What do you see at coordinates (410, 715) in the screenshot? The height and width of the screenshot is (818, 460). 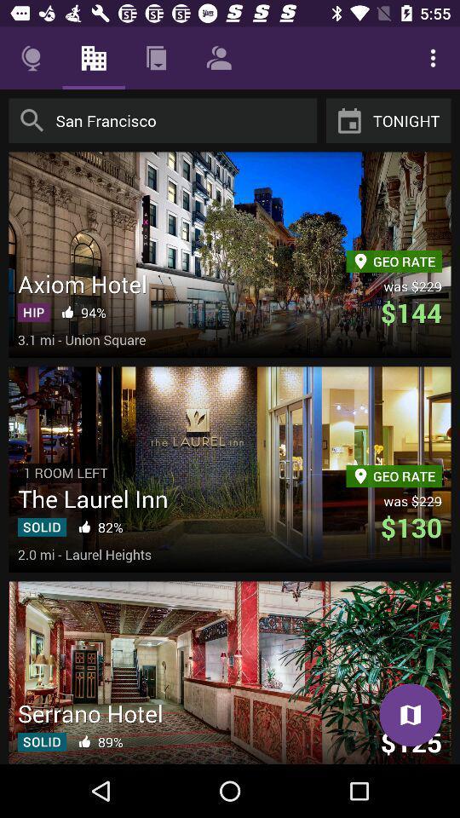 I see `the book icon` at bounding box center [410, 715].